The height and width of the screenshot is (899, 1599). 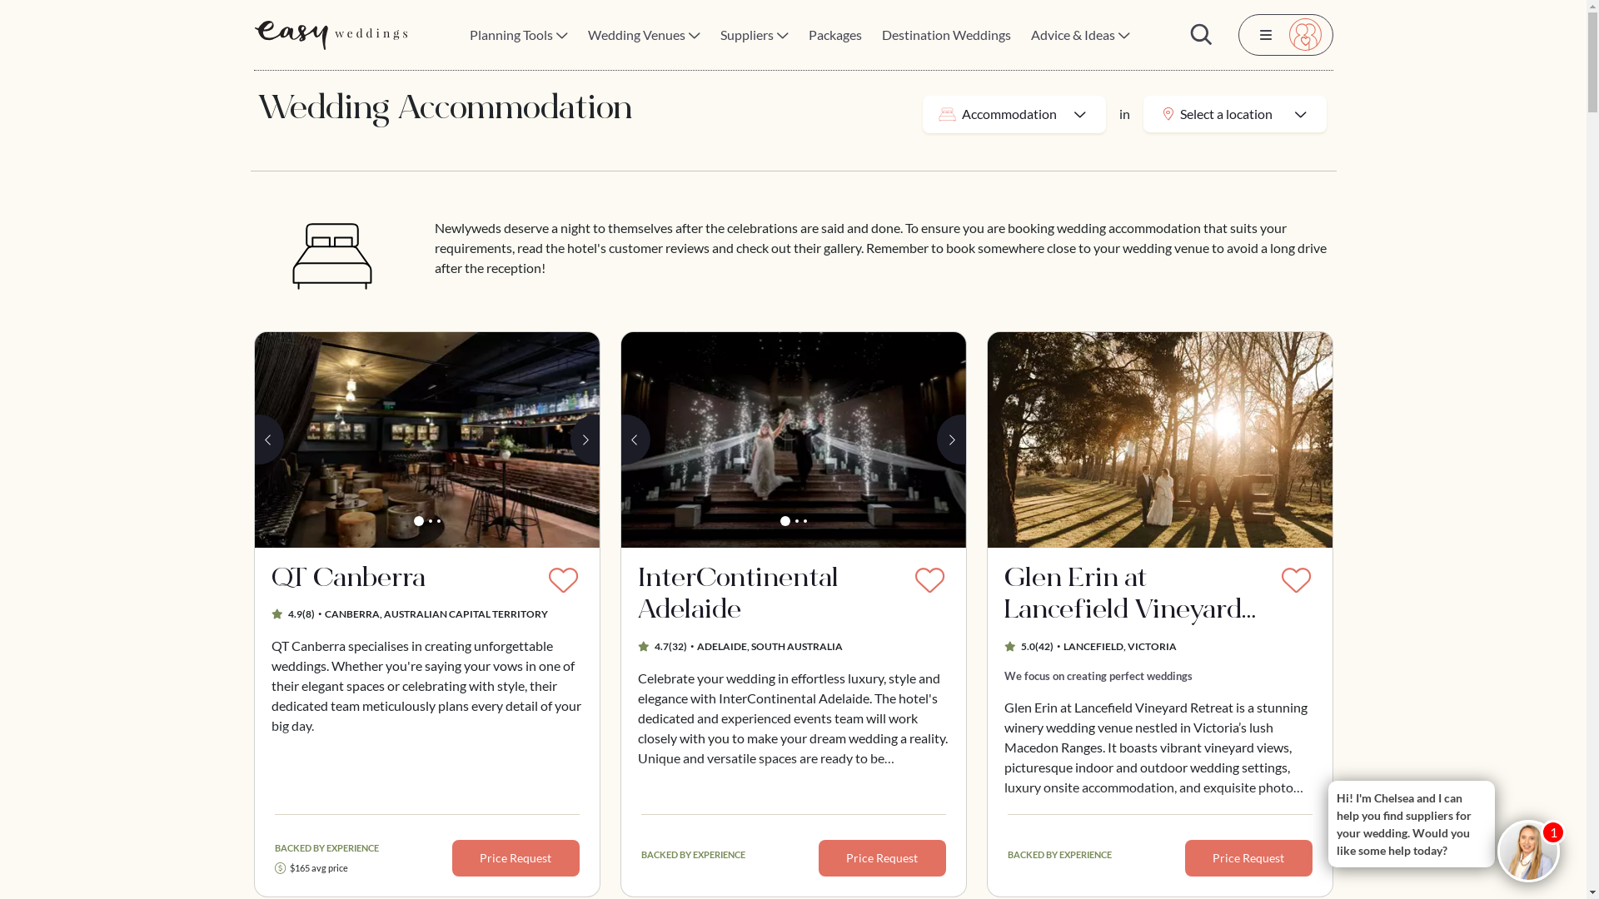 I want to click on 'Destination Weddings', so click(x=946, y=35).